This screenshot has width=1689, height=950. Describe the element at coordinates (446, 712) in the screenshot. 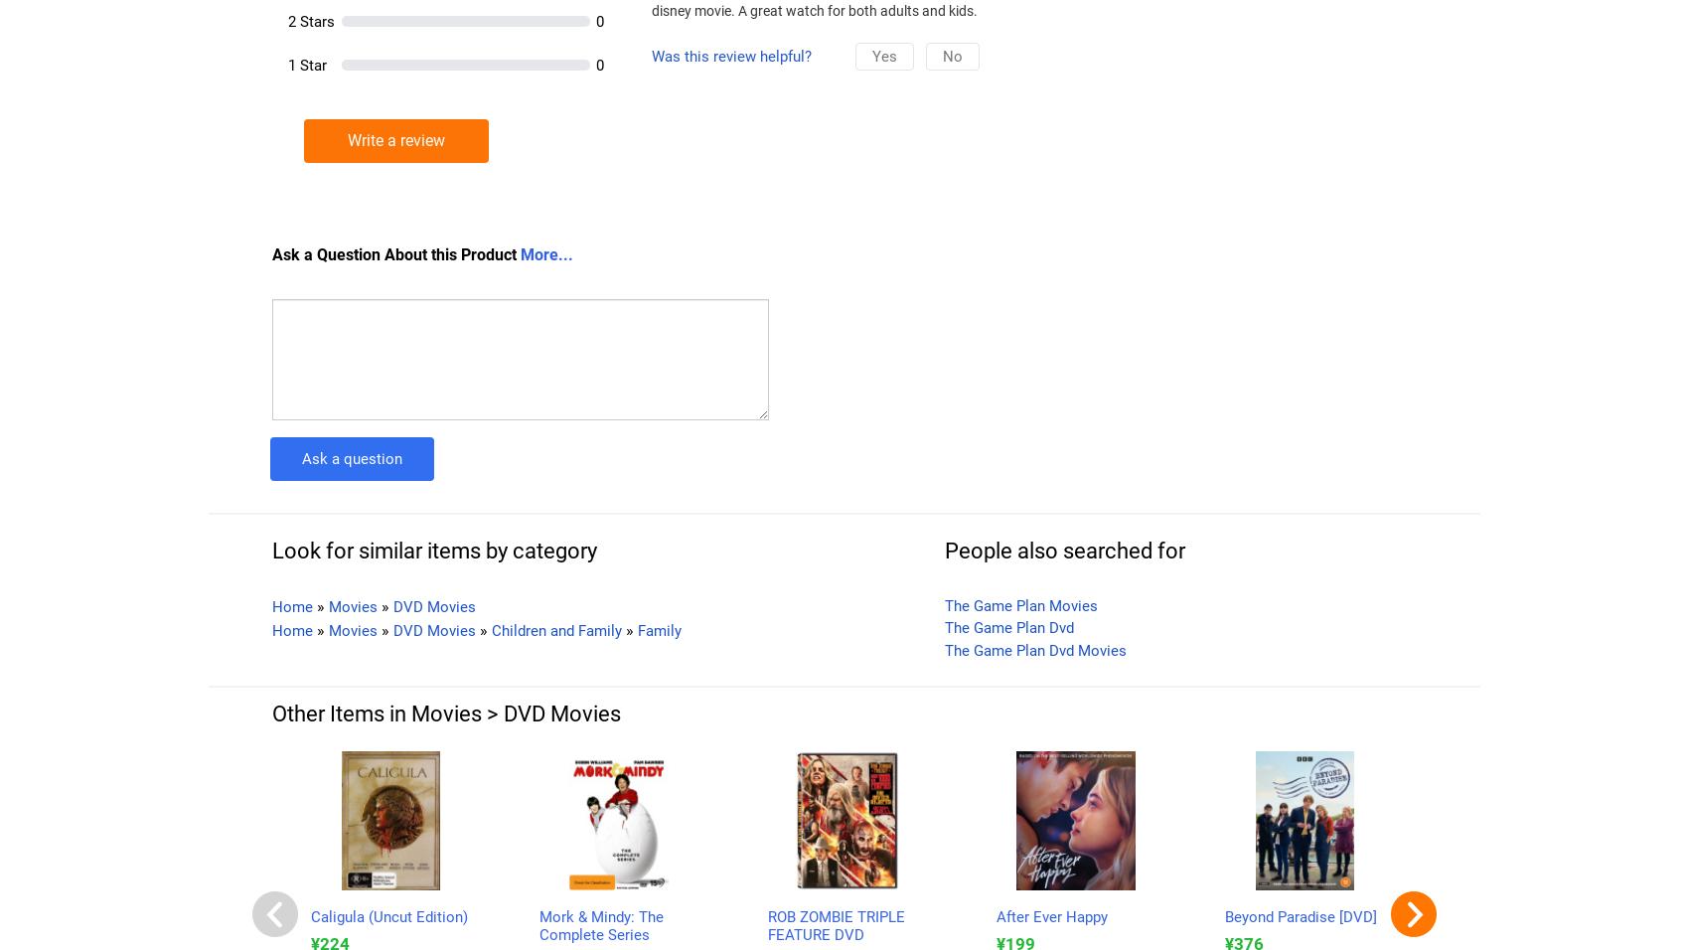

I see `'Other Items in Movies > DVD Movies'` at that location.